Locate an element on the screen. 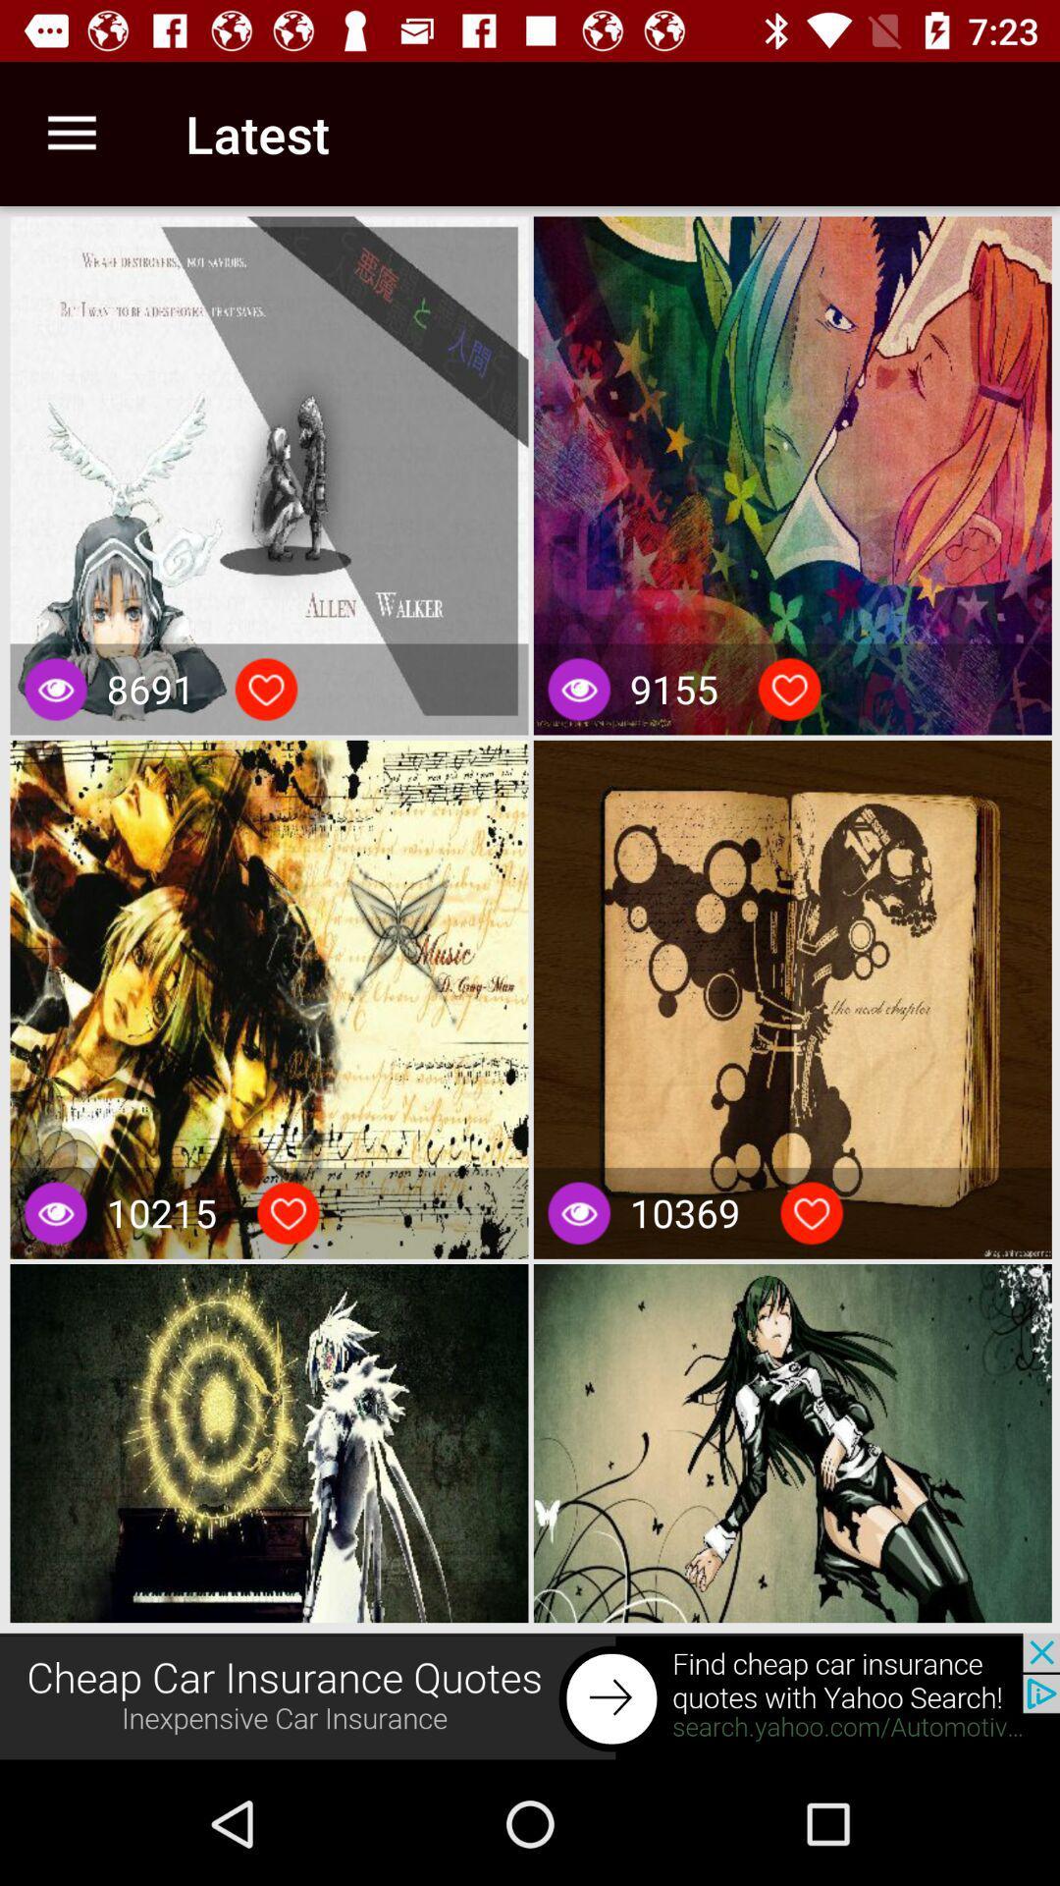  like 3rd option is located at coordinates (288, 1212).